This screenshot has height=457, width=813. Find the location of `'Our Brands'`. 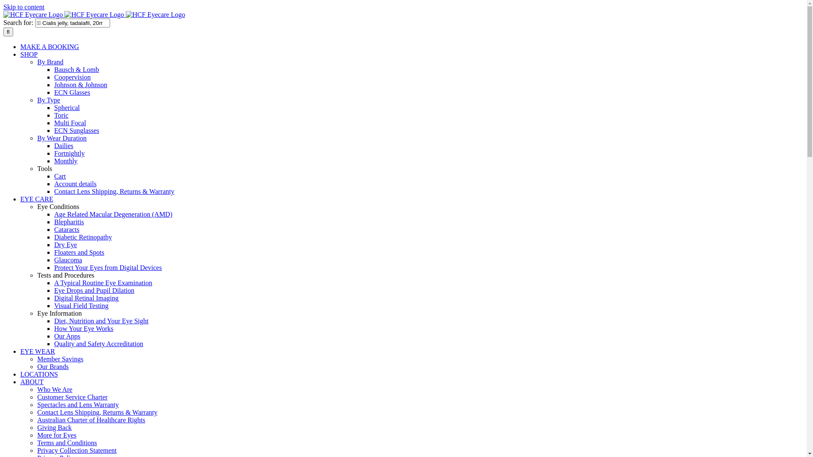

'Our Brands' is located at coordinates (36, 366).